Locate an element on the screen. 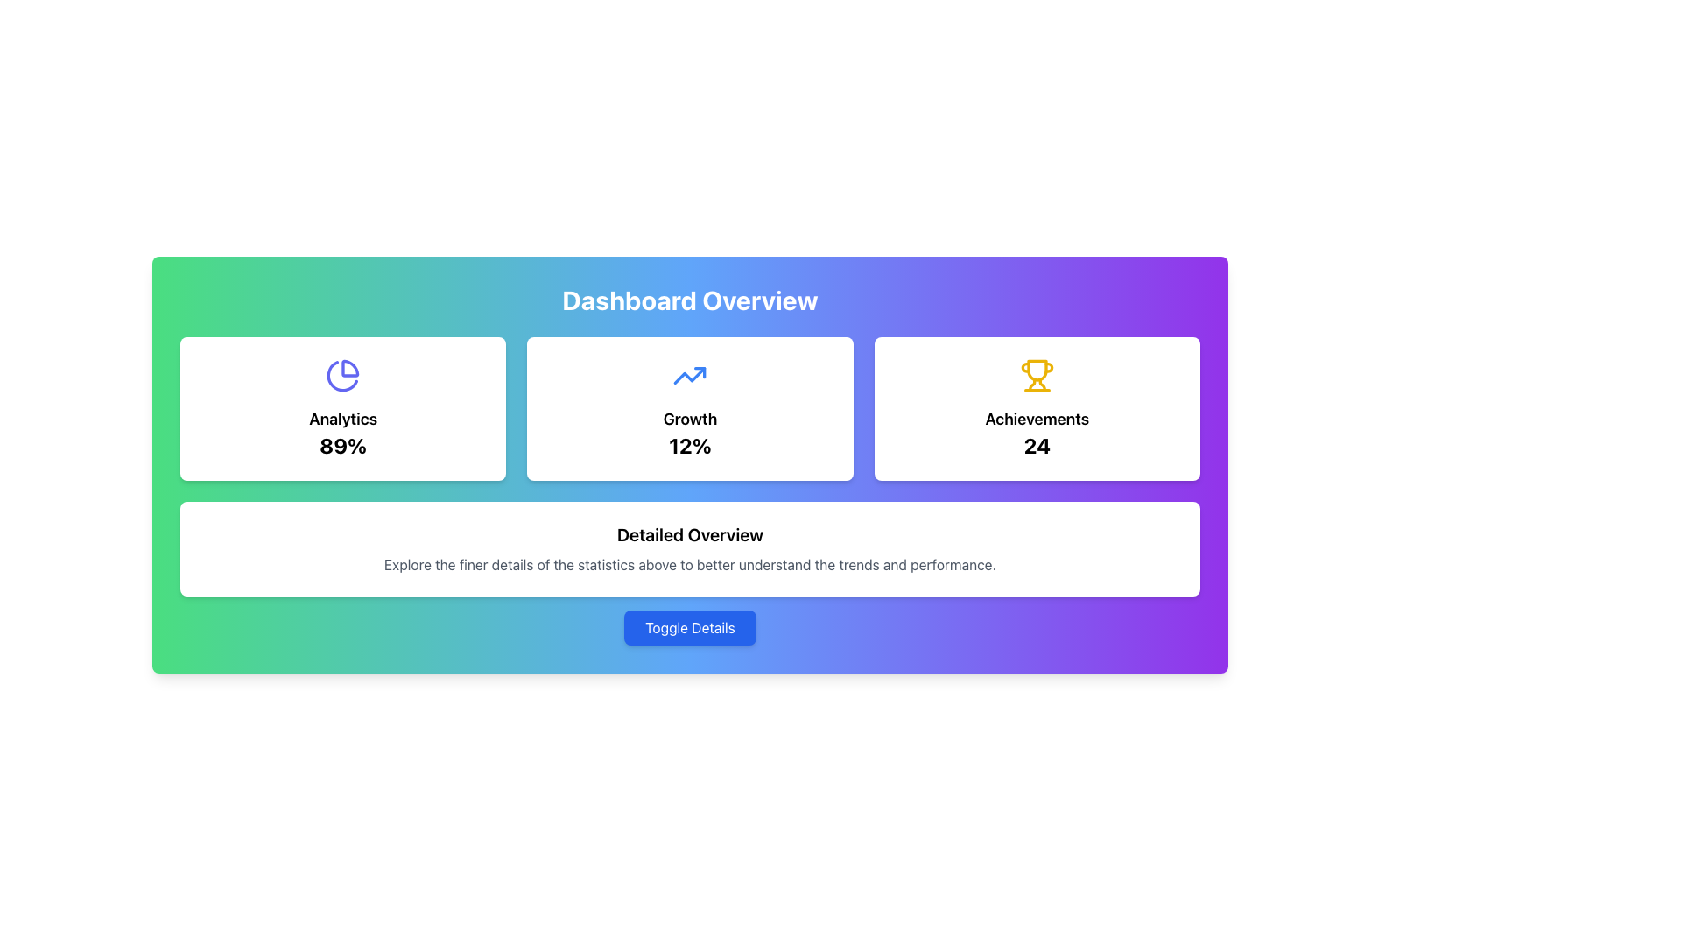  the heading label in the Achievements panel, indicating the type of information presented within this section of the dashboard is located at coordinates (1037, 419).